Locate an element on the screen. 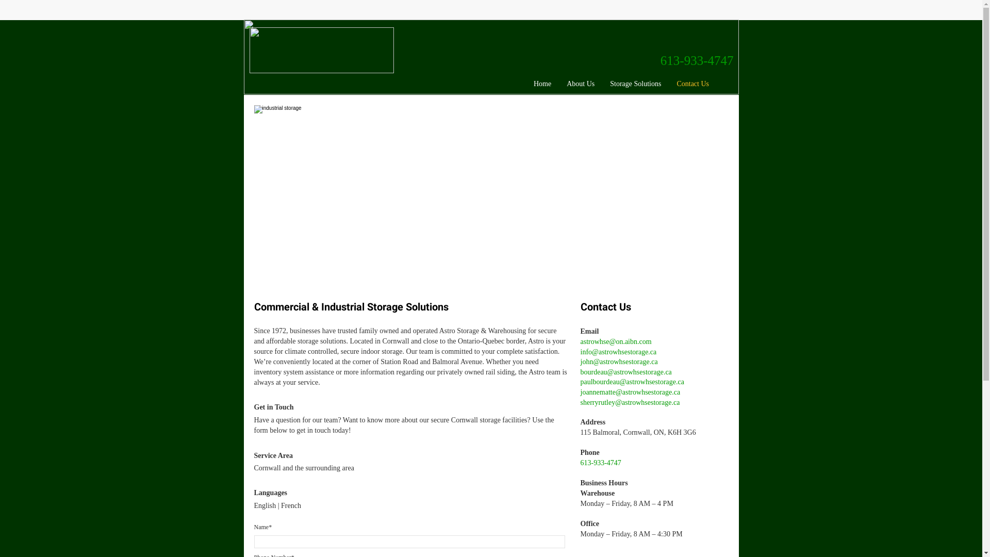  'sherryrutley@astrowhsestorage.ca' is located at coordinates (630, 402).